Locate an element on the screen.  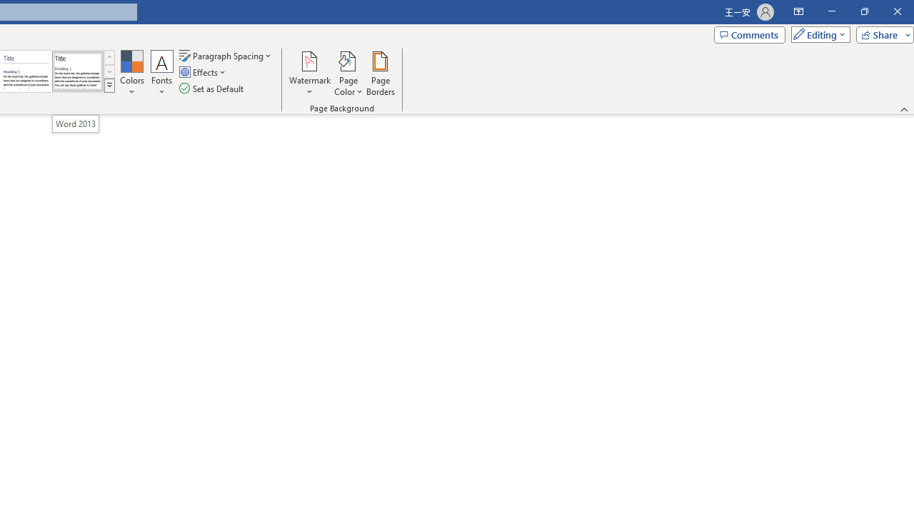
'Word 2013' is located at coordinates (75, 123).